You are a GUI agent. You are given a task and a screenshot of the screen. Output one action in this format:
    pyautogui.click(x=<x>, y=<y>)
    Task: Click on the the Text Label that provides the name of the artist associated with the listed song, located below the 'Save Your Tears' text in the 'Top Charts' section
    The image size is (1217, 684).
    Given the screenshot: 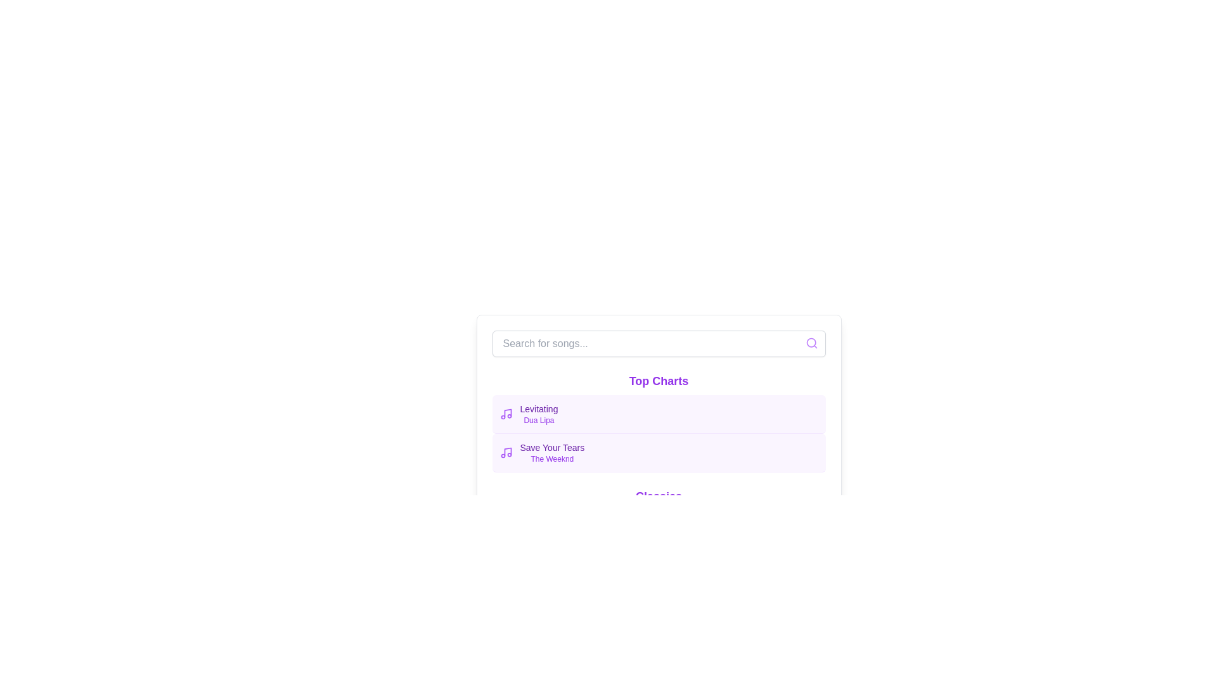 What is the action you would take?
    pyautogui.click(x=552, y=459)
    